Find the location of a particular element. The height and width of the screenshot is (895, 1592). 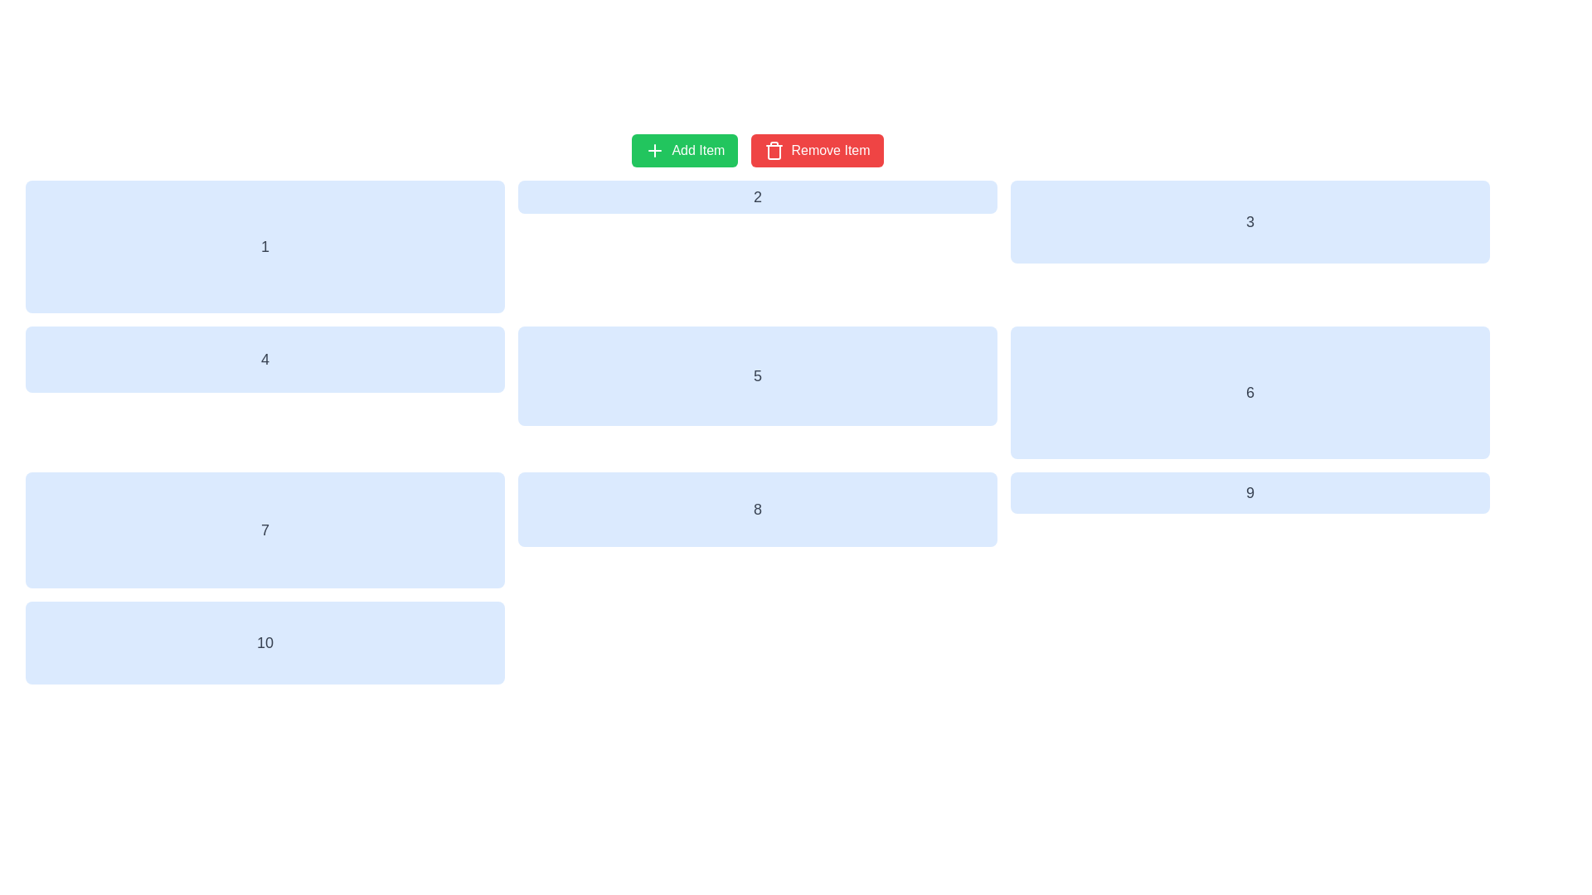

the Static Number Display indicating the number 7, located in the second column-first row of the last complete row in a grid is located at coordinates (265, 530).